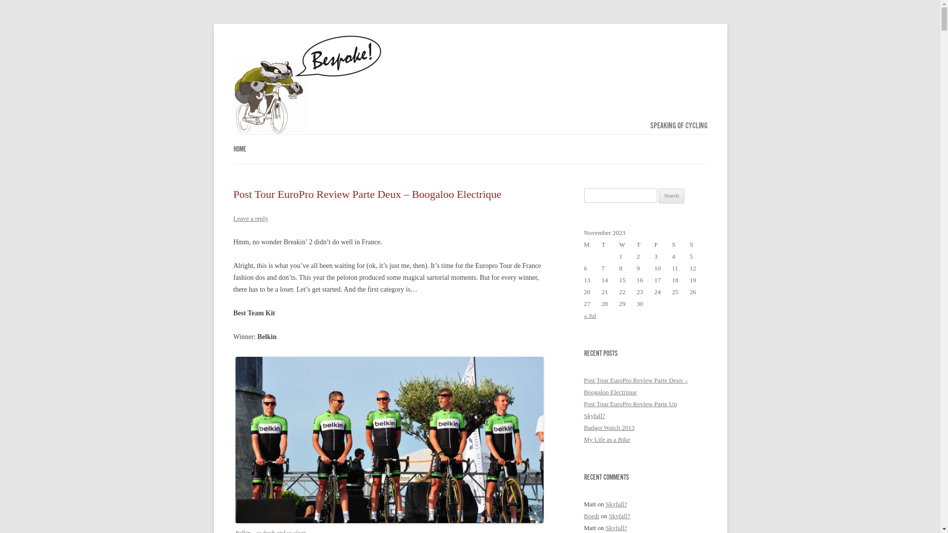 This screenshot has width=948, height=533. Describe the element at coordinates (606, 439) in the screenshot. I see `'My Life as a Bike'` at that location.